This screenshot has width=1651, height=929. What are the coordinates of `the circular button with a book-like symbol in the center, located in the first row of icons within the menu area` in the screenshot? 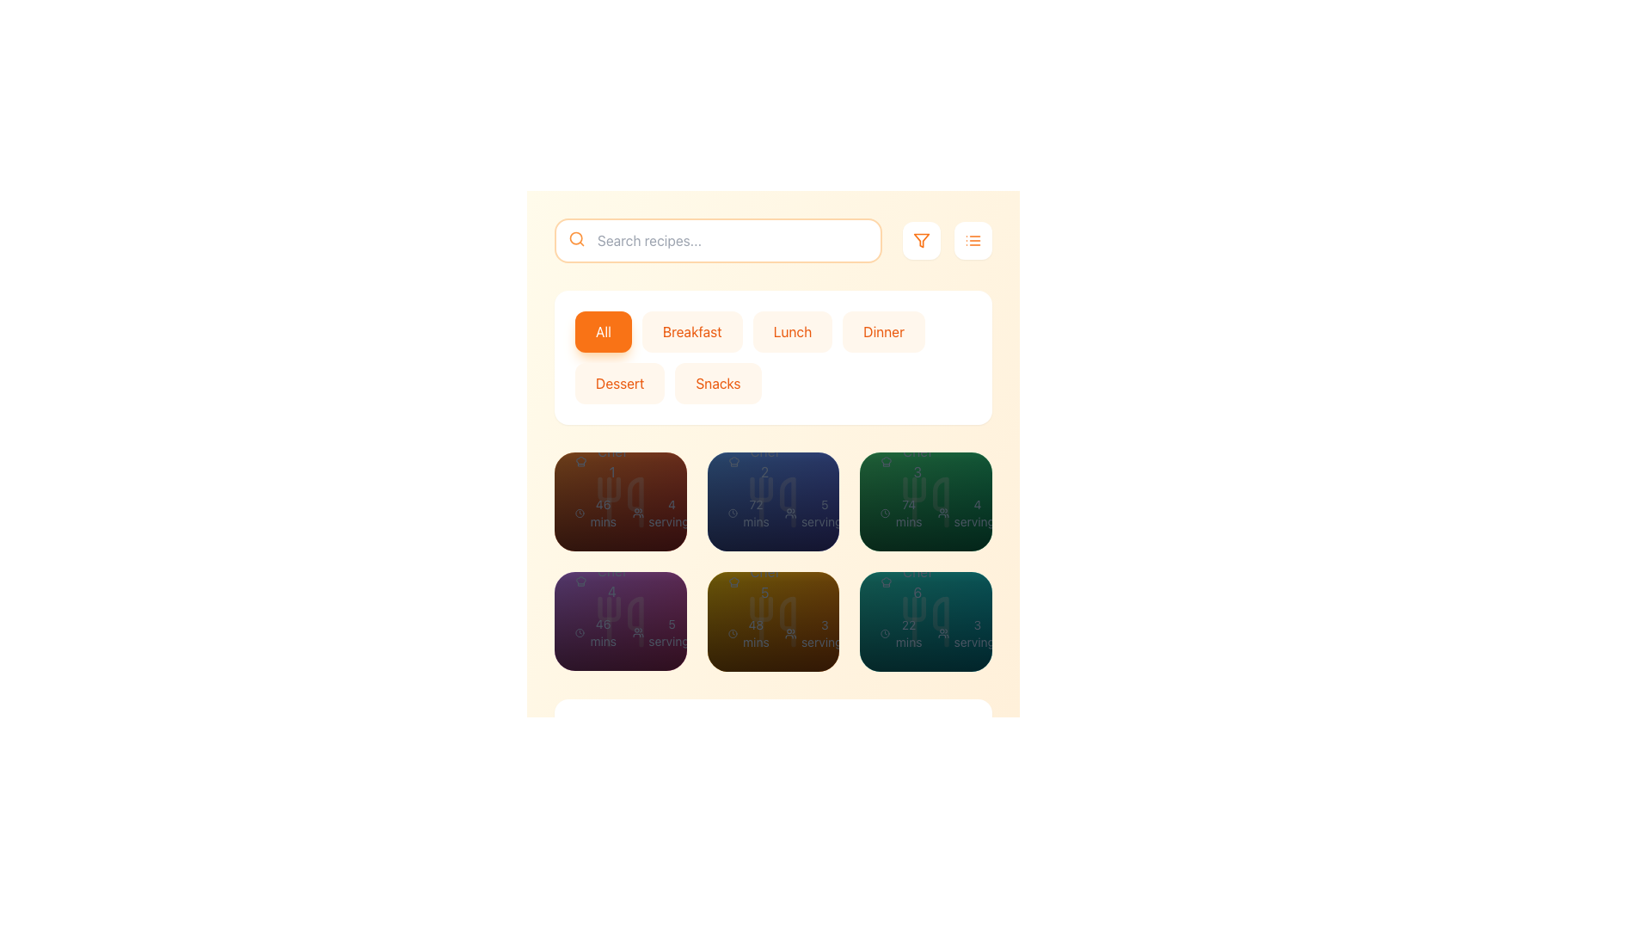 It's located at (619, 501).